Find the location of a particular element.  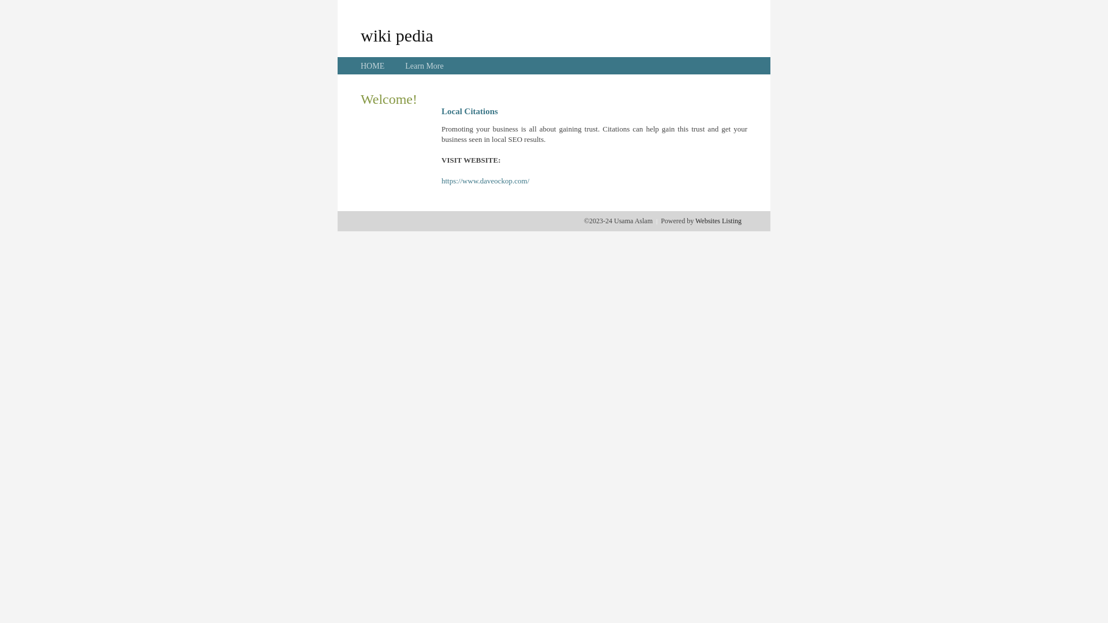

'HOME' is located at coordinates (372, 66).